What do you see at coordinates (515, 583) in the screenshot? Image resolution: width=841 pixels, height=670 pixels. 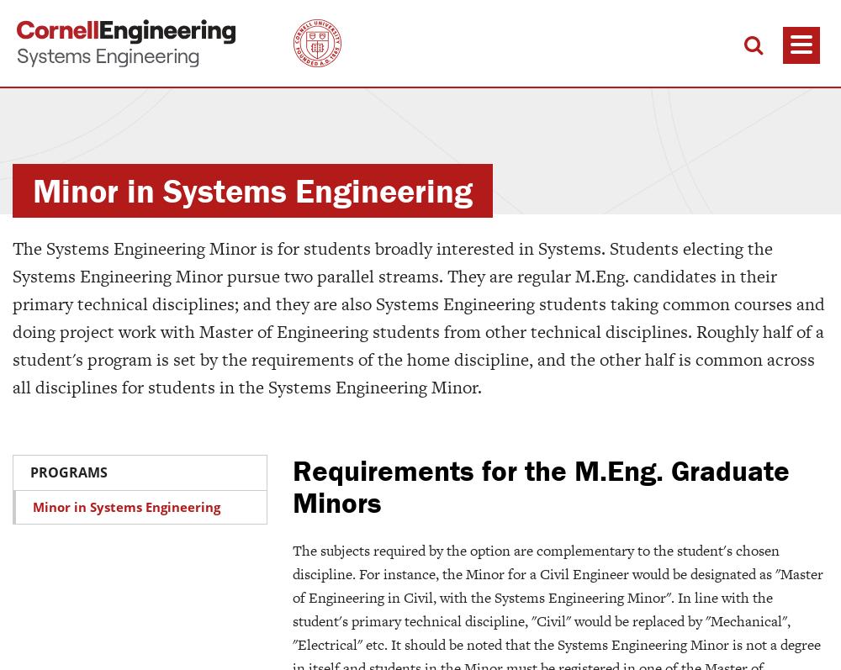 I see `'About Us'` at bounding box center [515, 583].